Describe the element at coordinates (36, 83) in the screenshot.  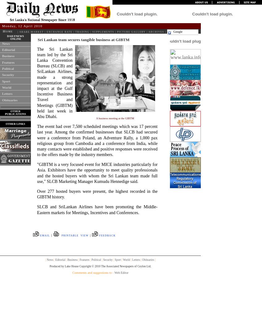
I see `'The Sri Lankan team led by the Sri Lanka Convention Bureau (SLCB) and 
		SriLankan Airlines, made a strong representation and impact at the Gulf 
		Incentive Business Travel and Meetings (GIBTM) held last week in Abu 
		Dhabi.'` at that location.